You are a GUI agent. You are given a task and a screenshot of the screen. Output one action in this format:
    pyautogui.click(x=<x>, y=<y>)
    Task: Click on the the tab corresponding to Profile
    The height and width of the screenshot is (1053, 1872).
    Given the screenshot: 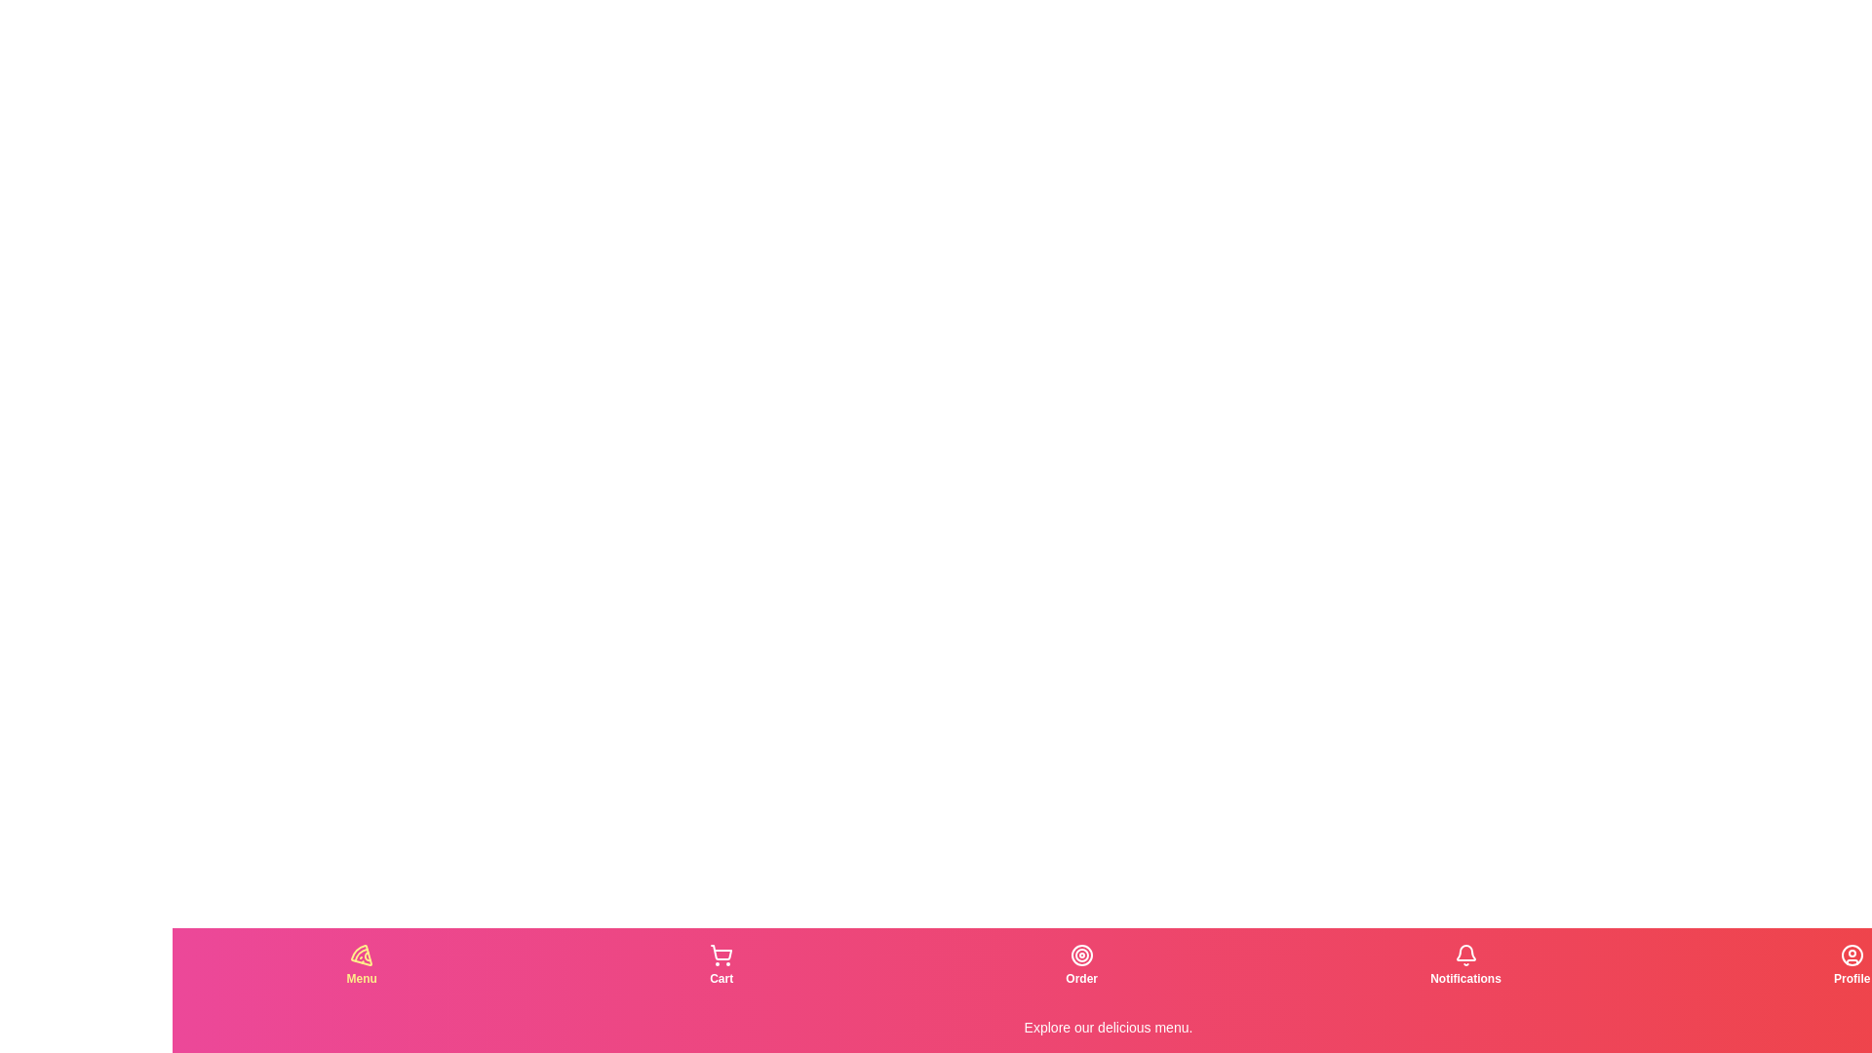 What is the action you would take?
    pyautogui.click(x=1851, y=965)
    